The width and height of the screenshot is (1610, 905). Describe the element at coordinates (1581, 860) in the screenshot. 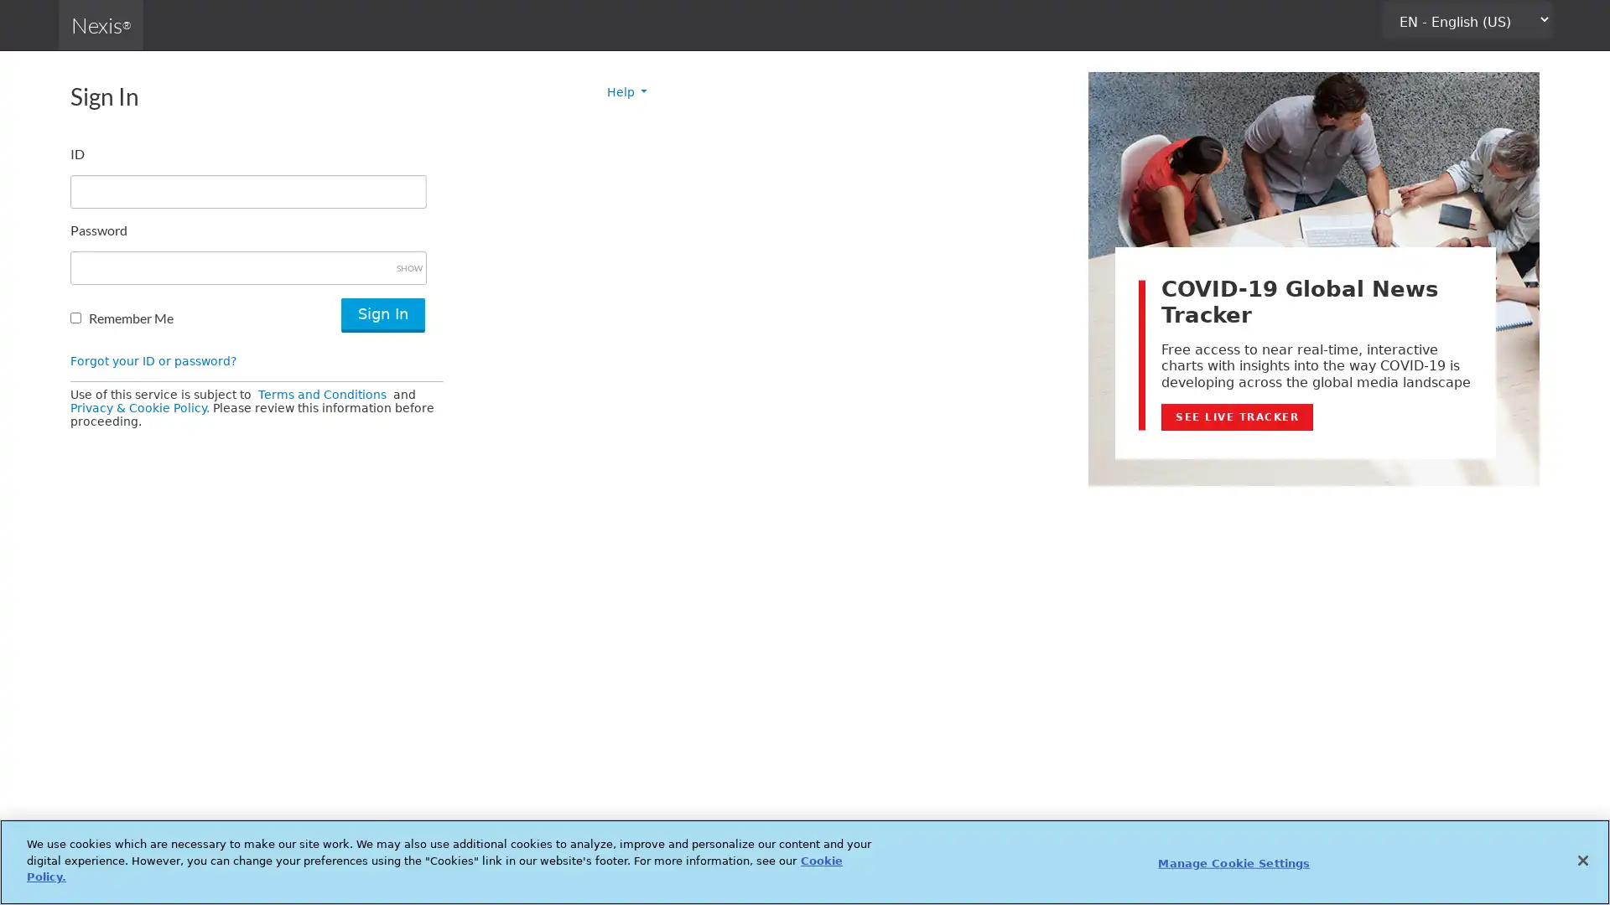

I see `Close` at that location.